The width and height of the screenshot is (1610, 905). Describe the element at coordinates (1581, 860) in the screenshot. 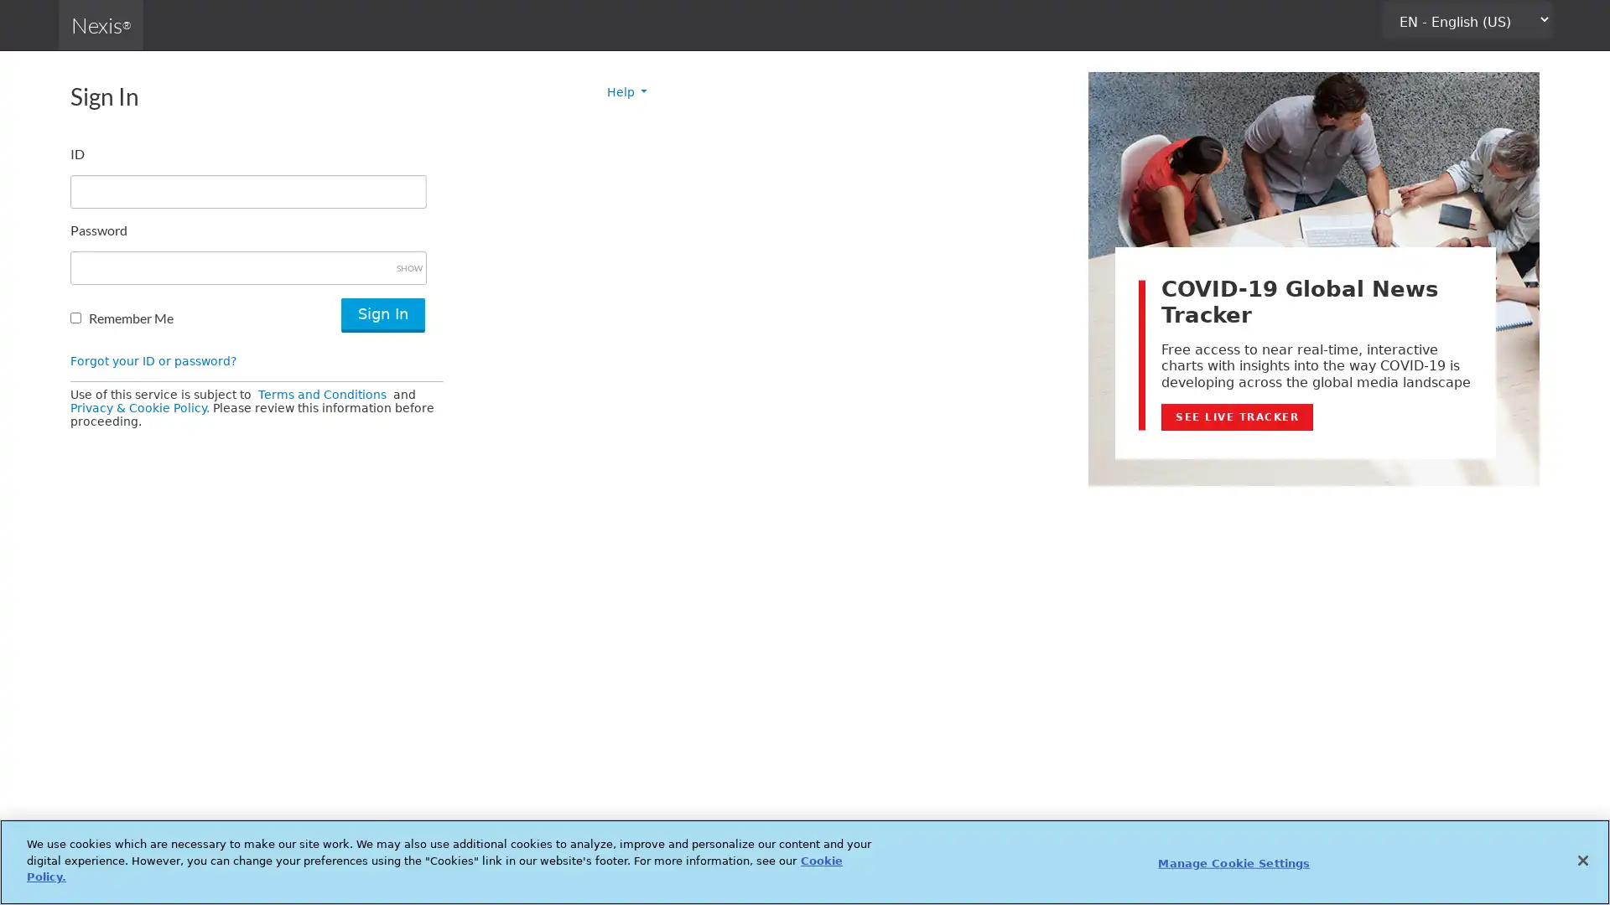

I see `Close` at that location.